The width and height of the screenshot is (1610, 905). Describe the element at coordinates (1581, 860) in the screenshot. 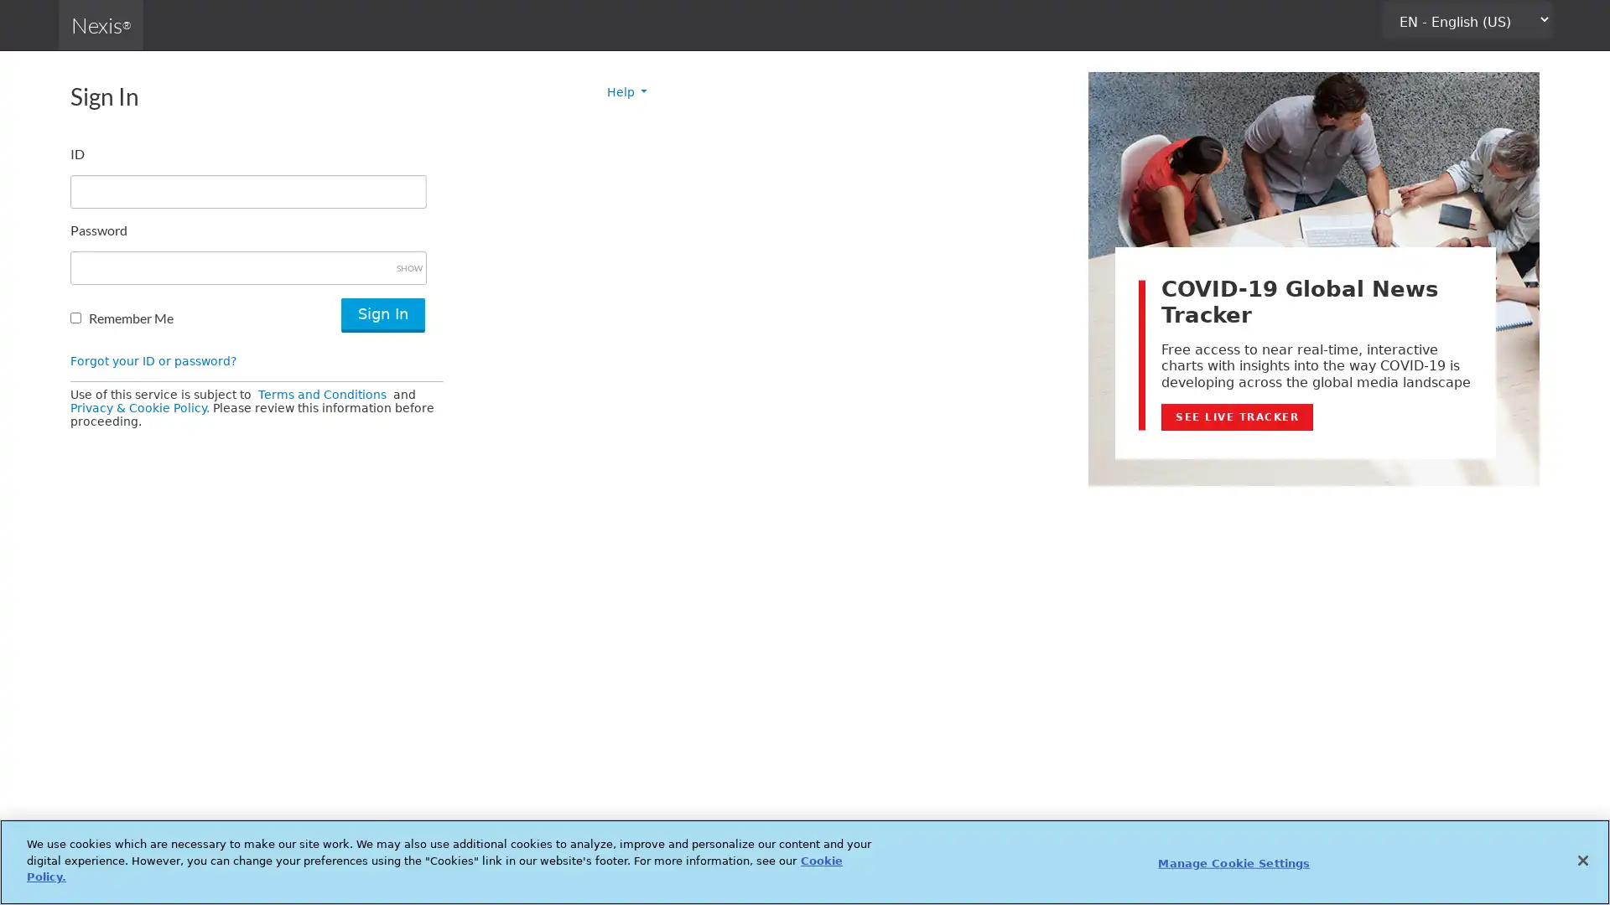

I see `Close` at that location.